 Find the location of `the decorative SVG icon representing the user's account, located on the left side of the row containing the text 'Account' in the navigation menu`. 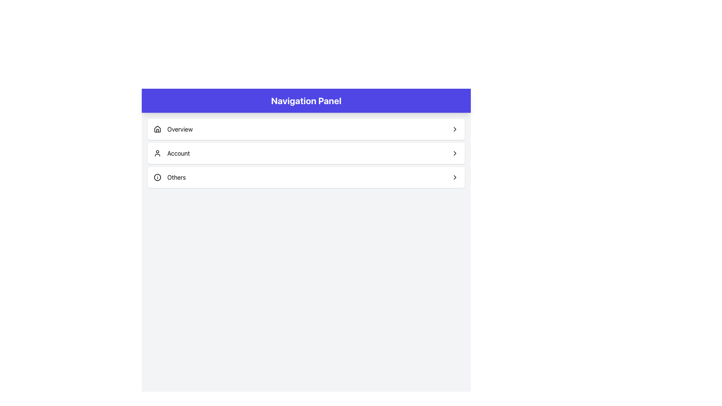

the decorative SVG icon representing the user's account, located on the left side of the row containing the text 'Account' in the navigation menu is located at coordinates (157, 153).